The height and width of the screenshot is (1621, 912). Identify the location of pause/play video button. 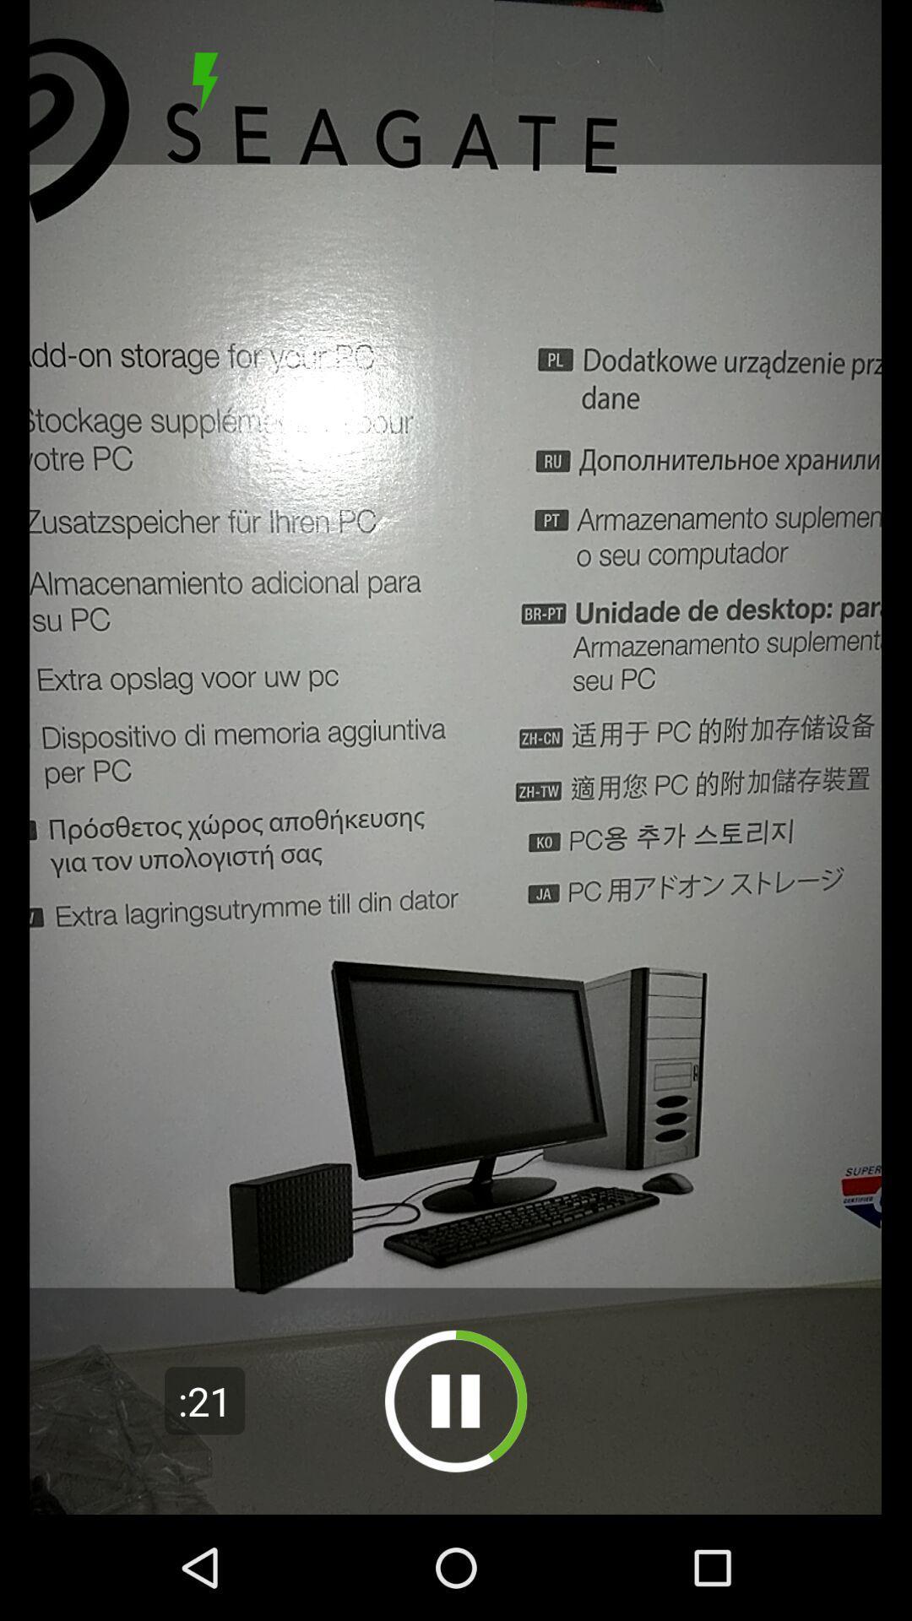
(456, 1401).